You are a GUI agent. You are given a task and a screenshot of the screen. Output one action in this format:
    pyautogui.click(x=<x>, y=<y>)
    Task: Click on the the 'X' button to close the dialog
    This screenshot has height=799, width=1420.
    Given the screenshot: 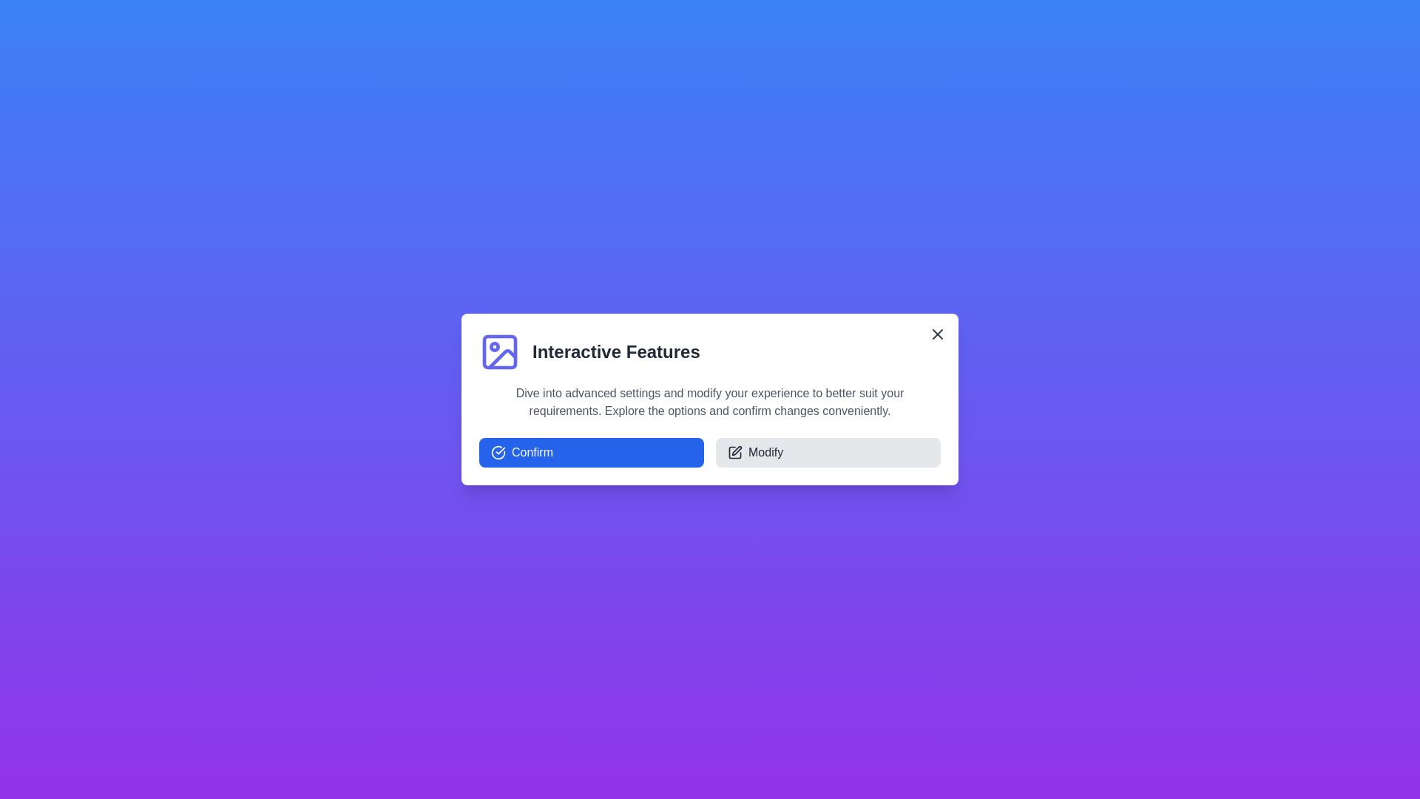 What is the action you would take?
    pyautogui.click(x=936, y=334)
    